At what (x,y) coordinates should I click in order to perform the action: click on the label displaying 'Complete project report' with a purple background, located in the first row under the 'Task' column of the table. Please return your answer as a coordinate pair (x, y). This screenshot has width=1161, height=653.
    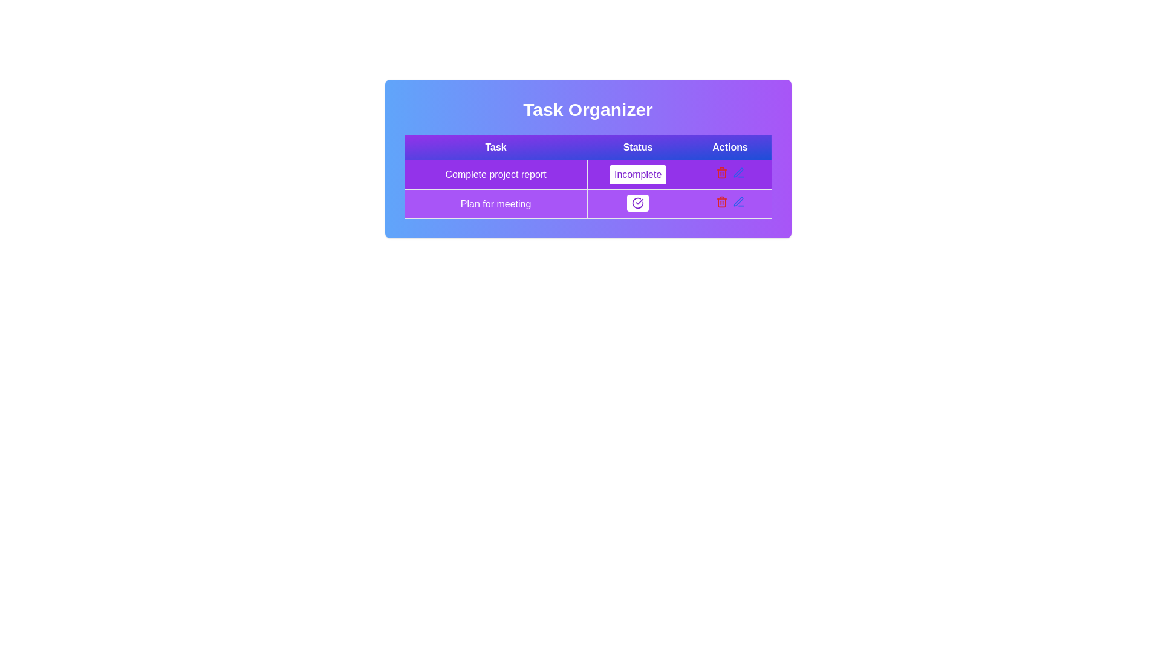
    Looking at the image, I should click on (496, 175).